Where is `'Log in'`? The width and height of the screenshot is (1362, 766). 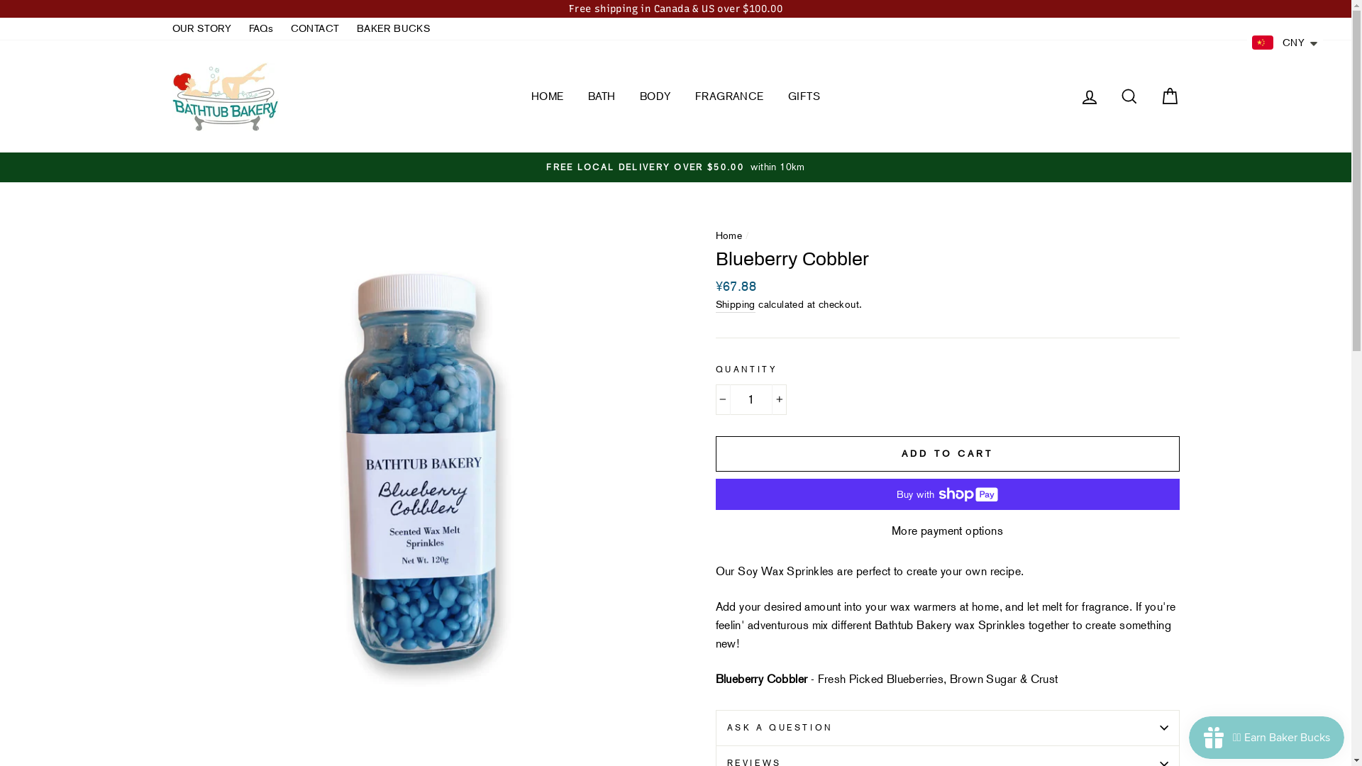 'Log in' is located at coordinates (1089, 96).